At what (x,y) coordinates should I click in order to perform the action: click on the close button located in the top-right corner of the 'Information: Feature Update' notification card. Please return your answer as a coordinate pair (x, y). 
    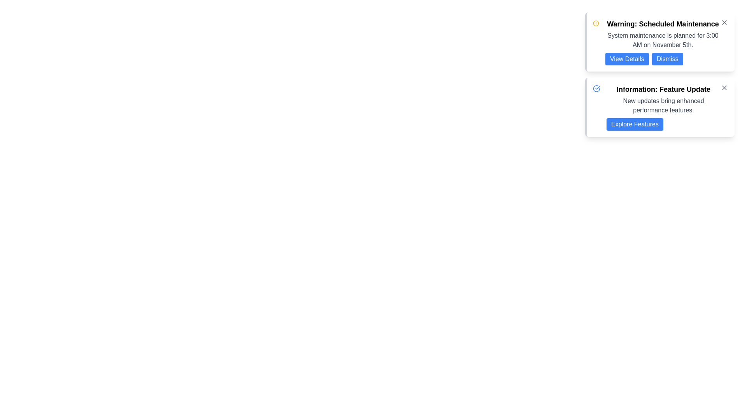
    Looking at the image, I should click on (724, 87).